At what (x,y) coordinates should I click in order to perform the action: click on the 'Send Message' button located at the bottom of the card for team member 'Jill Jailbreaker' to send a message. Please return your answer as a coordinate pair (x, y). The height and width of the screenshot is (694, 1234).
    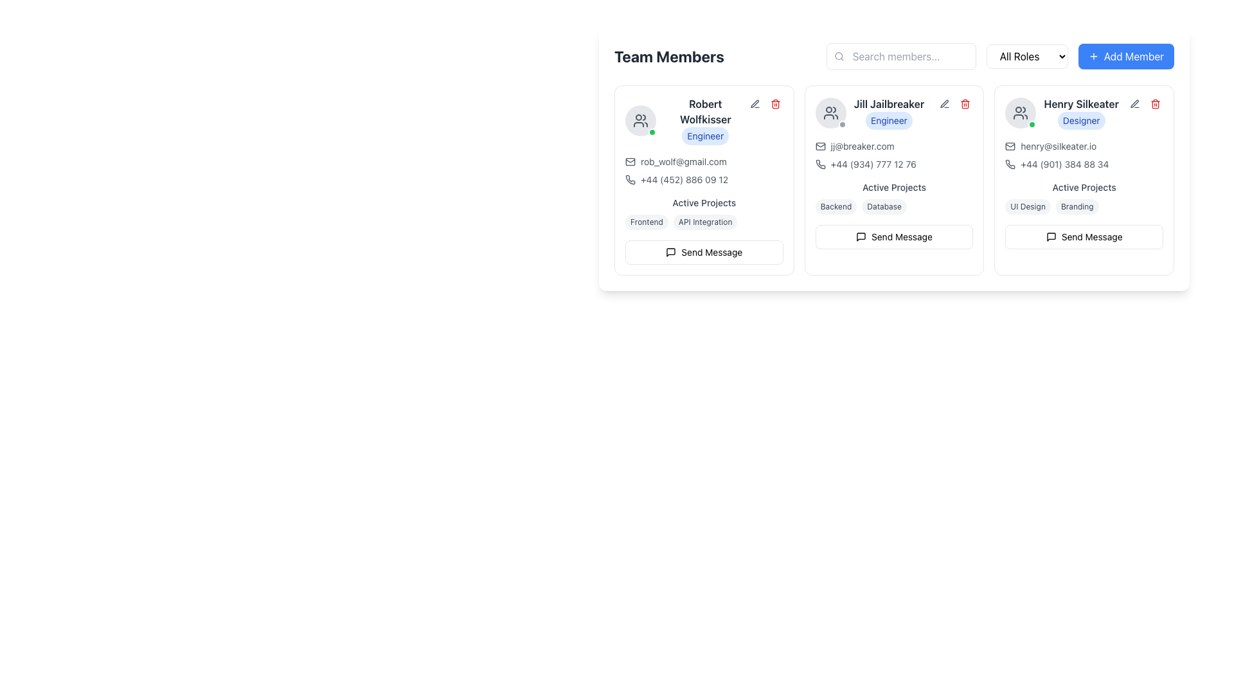
    Looking at the image, I should click on (893, 237).